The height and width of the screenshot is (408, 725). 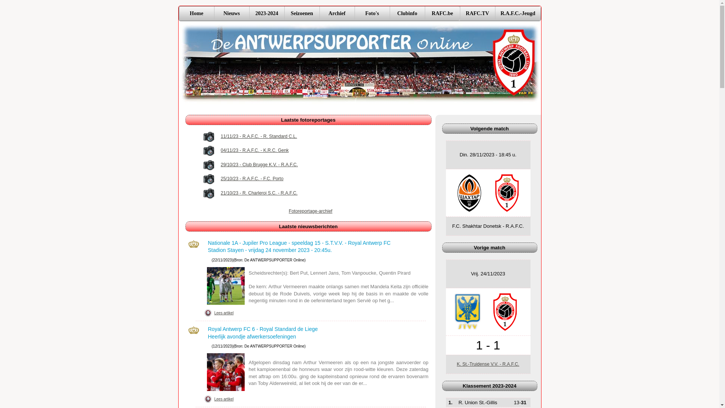 What do you see at coordinates (255, 150) in the screenshot?
I see `'04/11/23 - R.A.F.C. - K.R.C. Genk'` at bounding box center [255, 150].